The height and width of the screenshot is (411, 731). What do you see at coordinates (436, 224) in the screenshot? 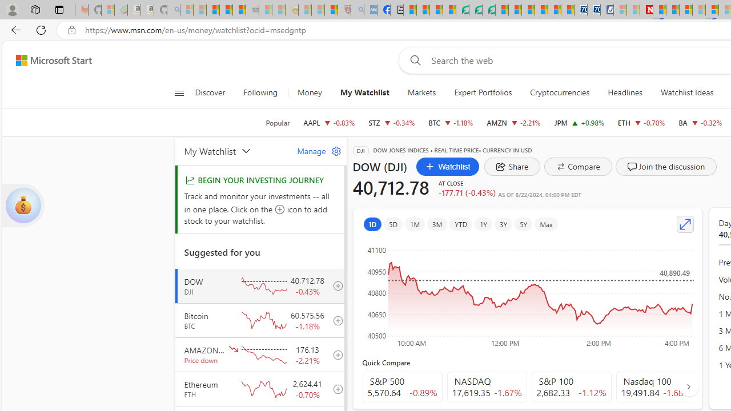
I see `'3M'` at bounding box center [436, 224].